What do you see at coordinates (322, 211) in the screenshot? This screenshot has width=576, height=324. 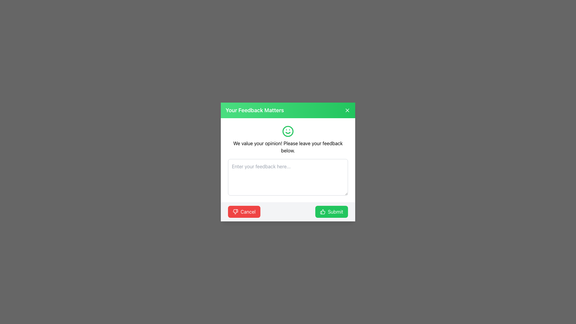 I see `the thumbs-up icon that is part of the green 'Submit' button located at the bottom-right corner of the feedback form modal` at bounding box center [322, 211].